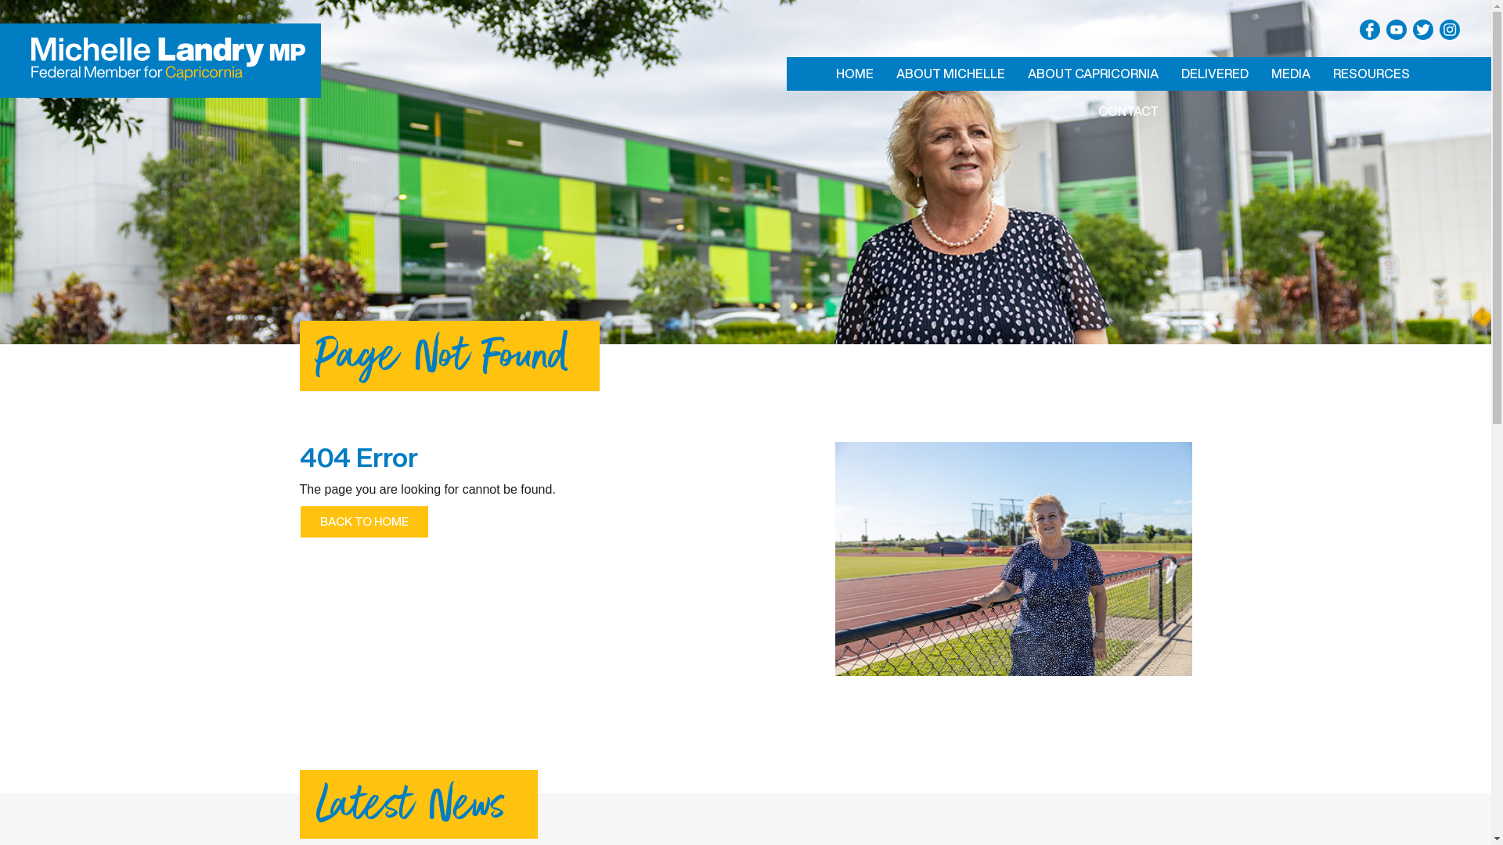 This screenshot has height=845, width=1503. What do you see at coordinates (950, 74) in the screenshot?
I see `'ABOUT MICHELLE'` at bounding box center [950, 74].